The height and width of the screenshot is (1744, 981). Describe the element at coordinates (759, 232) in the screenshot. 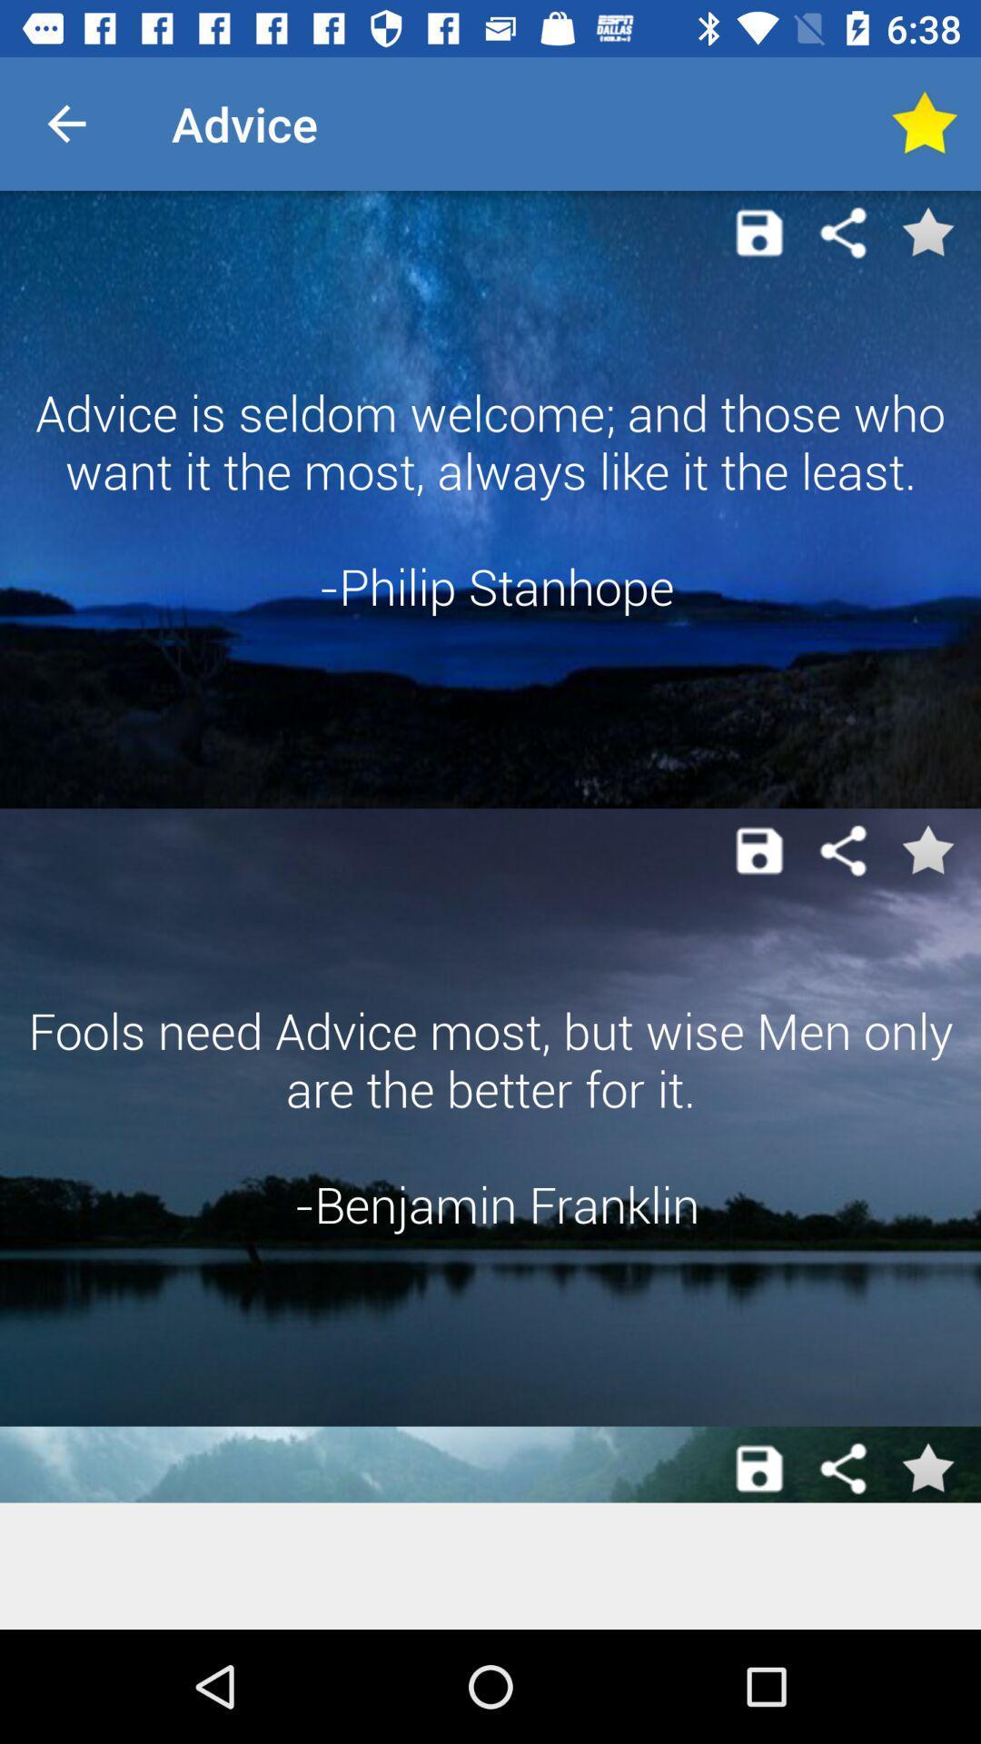

I see `post this picture` at that location.